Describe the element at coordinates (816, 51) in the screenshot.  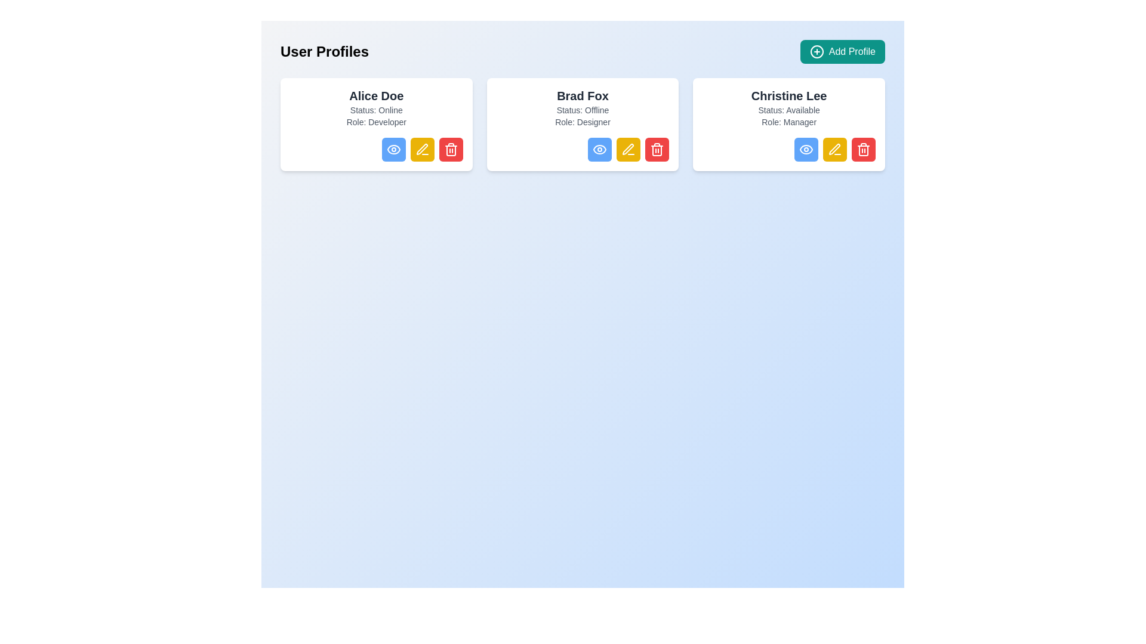
I see `the circular '+' icon with a teal background located to the left of the 'Add Profile' button for visual feedback` at that location.